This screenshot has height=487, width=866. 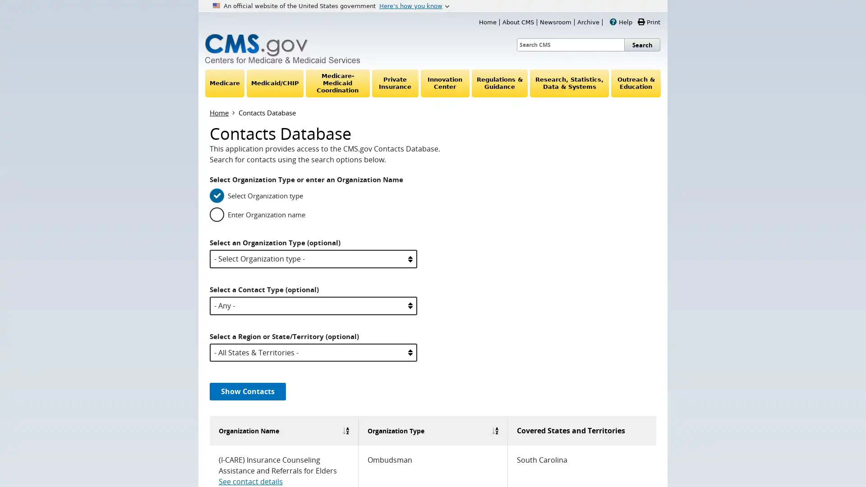 I want to click on Search, so click(x=642, y=45).